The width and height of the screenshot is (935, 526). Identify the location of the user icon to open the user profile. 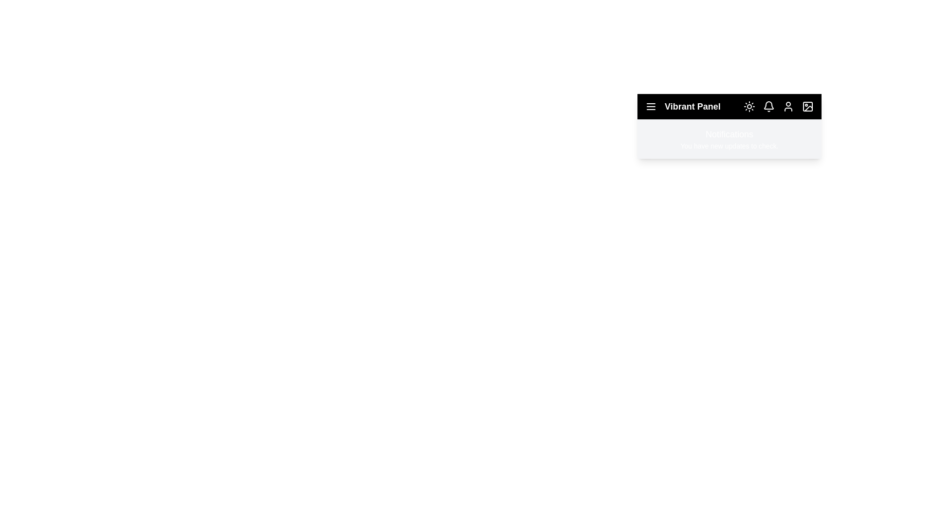
(788, 107).